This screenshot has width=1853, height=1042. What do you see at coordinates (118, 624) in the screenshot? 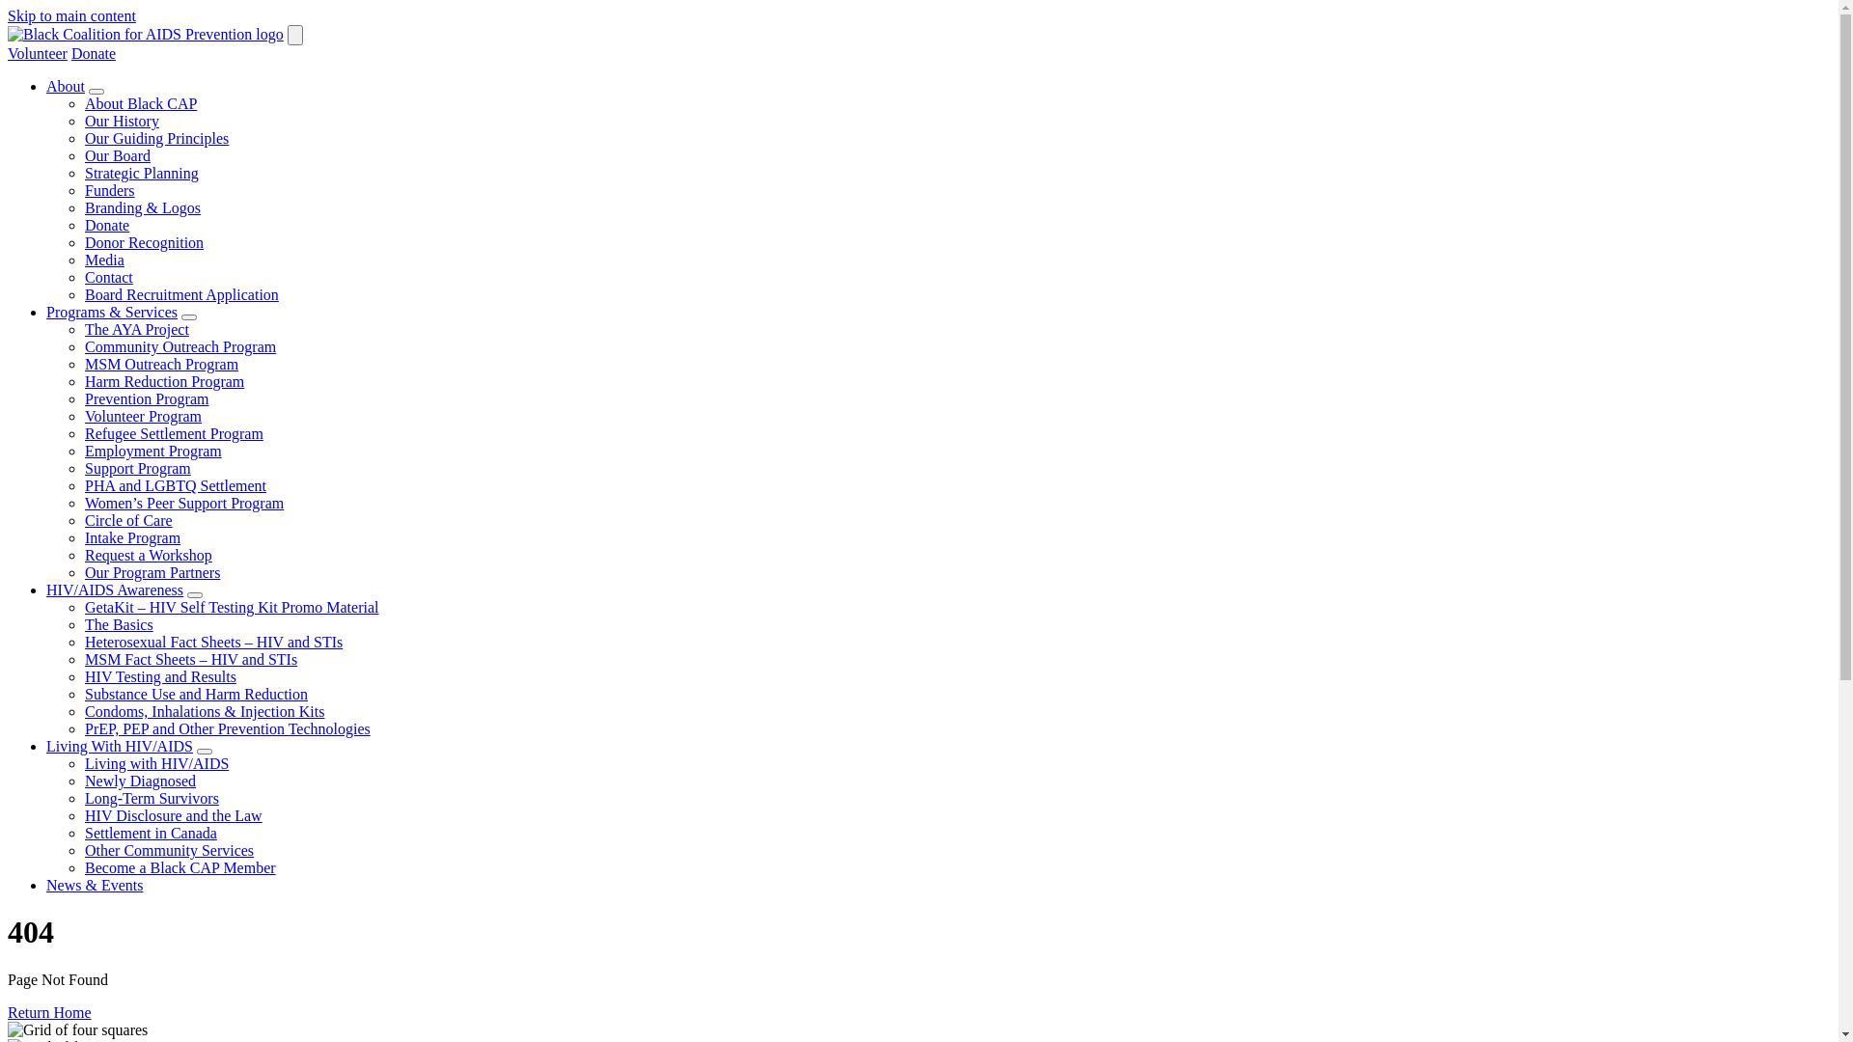
I see `'The Basics'` at bounding box center [118, 624].